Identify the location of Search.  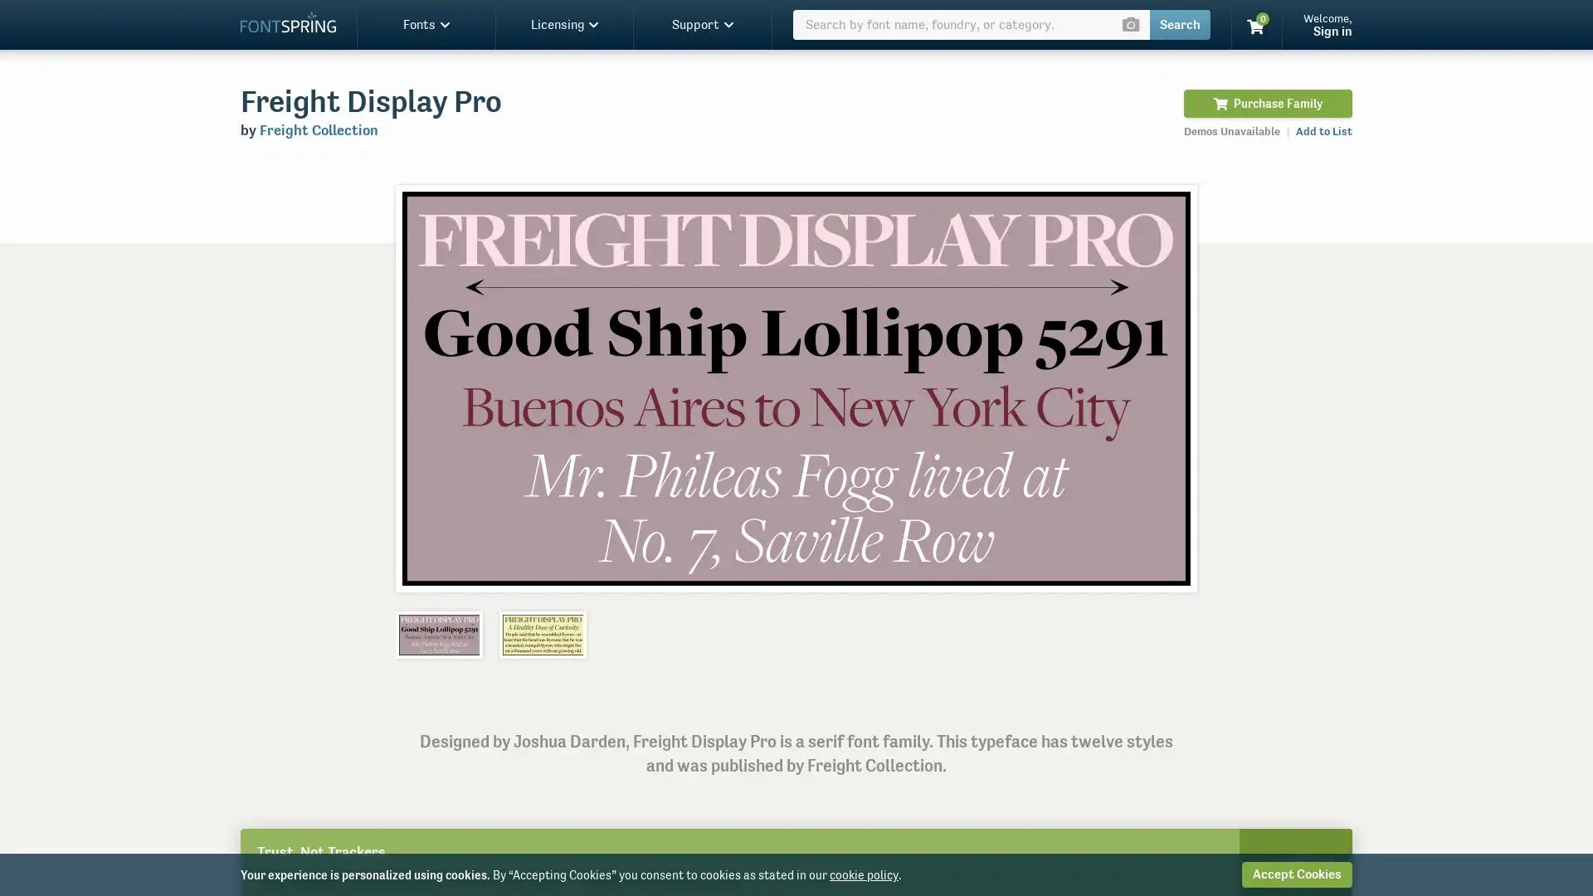
(1179, 25).